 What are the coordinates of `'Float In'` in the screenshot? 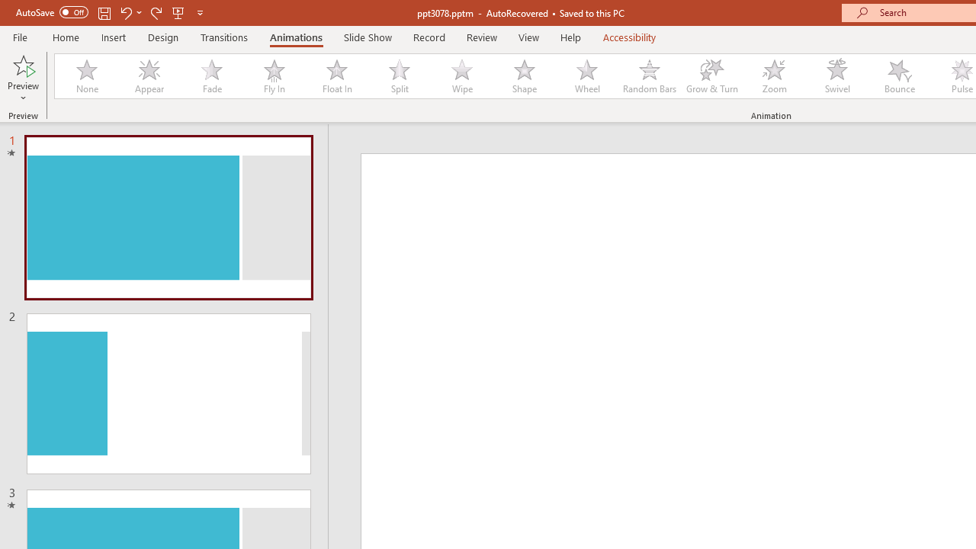 It's located at (335, 76).